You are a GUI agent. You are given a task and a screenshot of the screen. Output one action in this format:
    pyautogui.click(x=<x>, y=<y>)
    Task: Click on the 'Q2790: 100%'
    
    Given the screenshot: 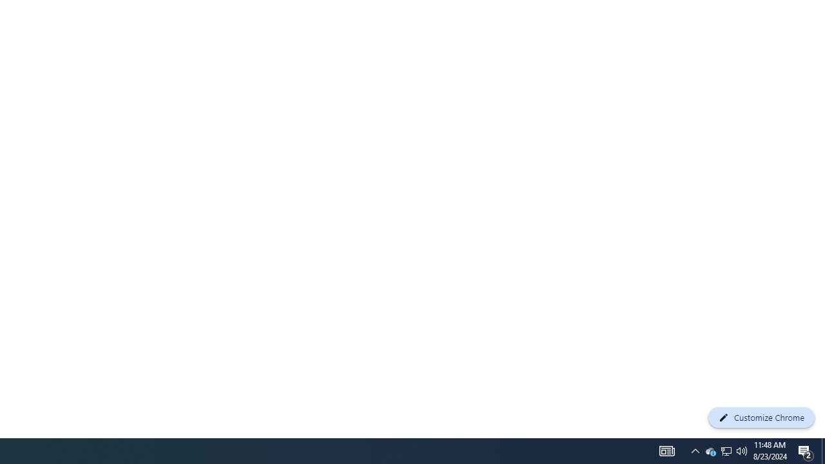 What is the action you would take?
    pyautogui.click(x=742, y=450)
    